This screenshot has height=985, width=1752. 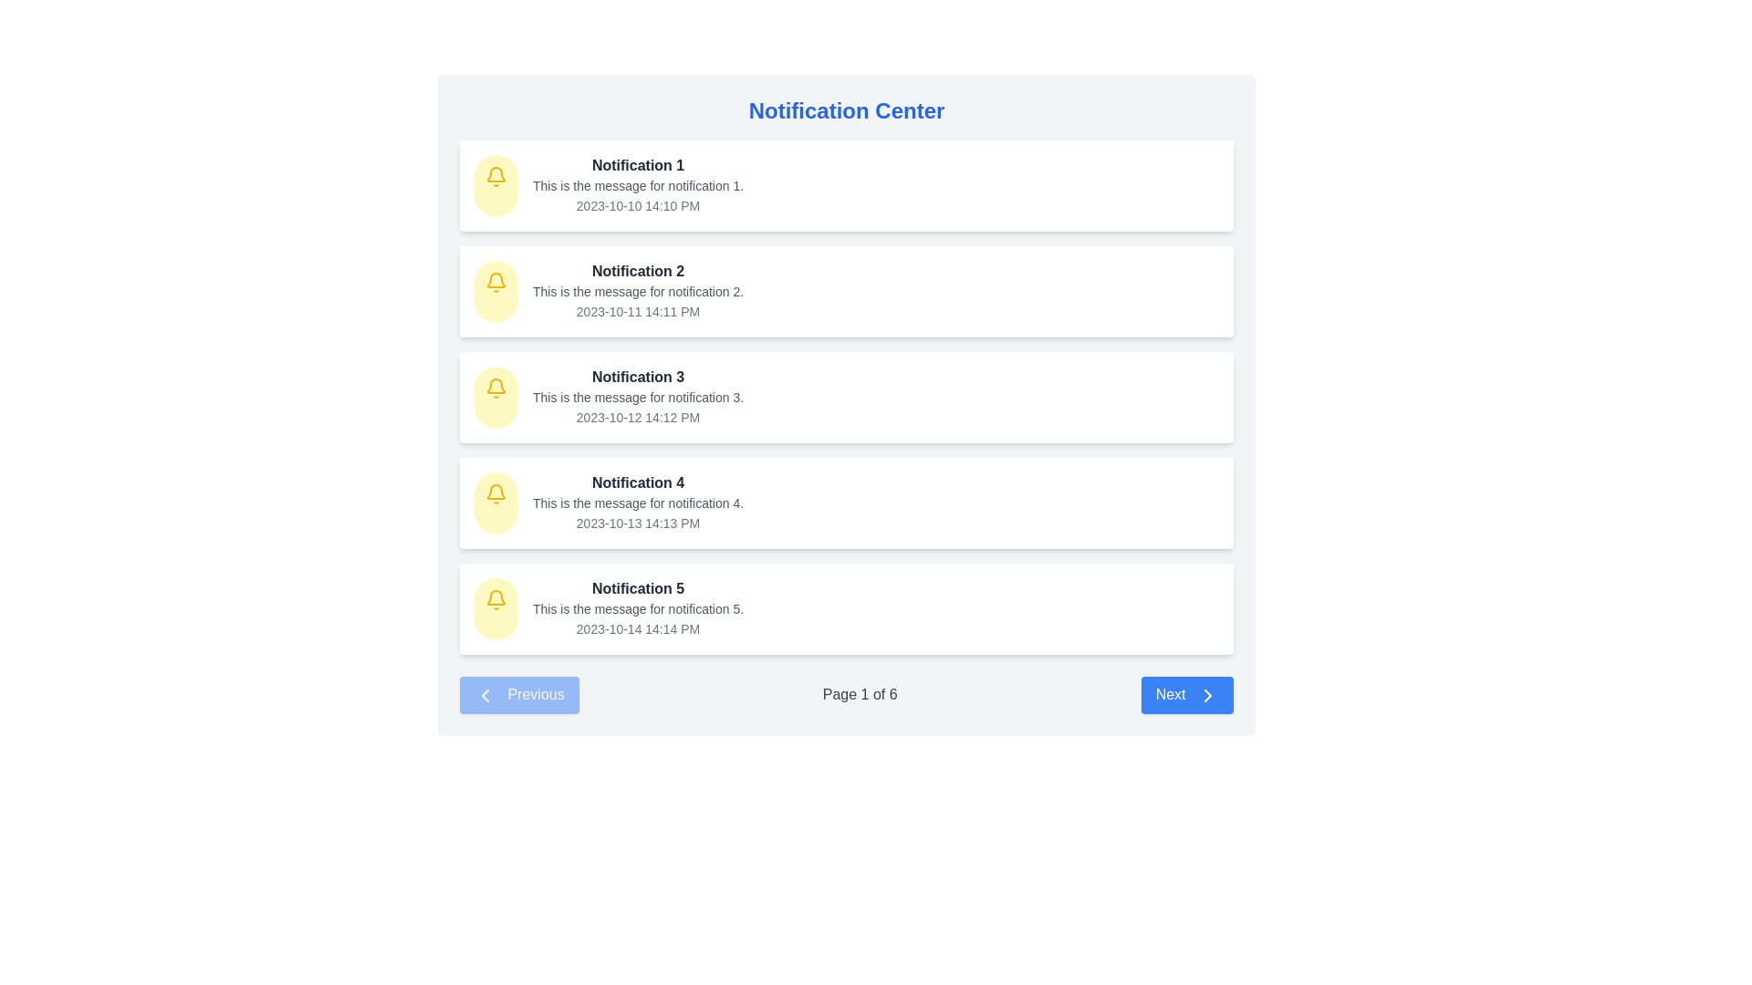 What do you see at coordinates (495, 396) in the screenshot?
I see `the small yellow bell-shaped icon located in the upper-left section of the 'Notification 3' card` at bounding box center [495, 396].